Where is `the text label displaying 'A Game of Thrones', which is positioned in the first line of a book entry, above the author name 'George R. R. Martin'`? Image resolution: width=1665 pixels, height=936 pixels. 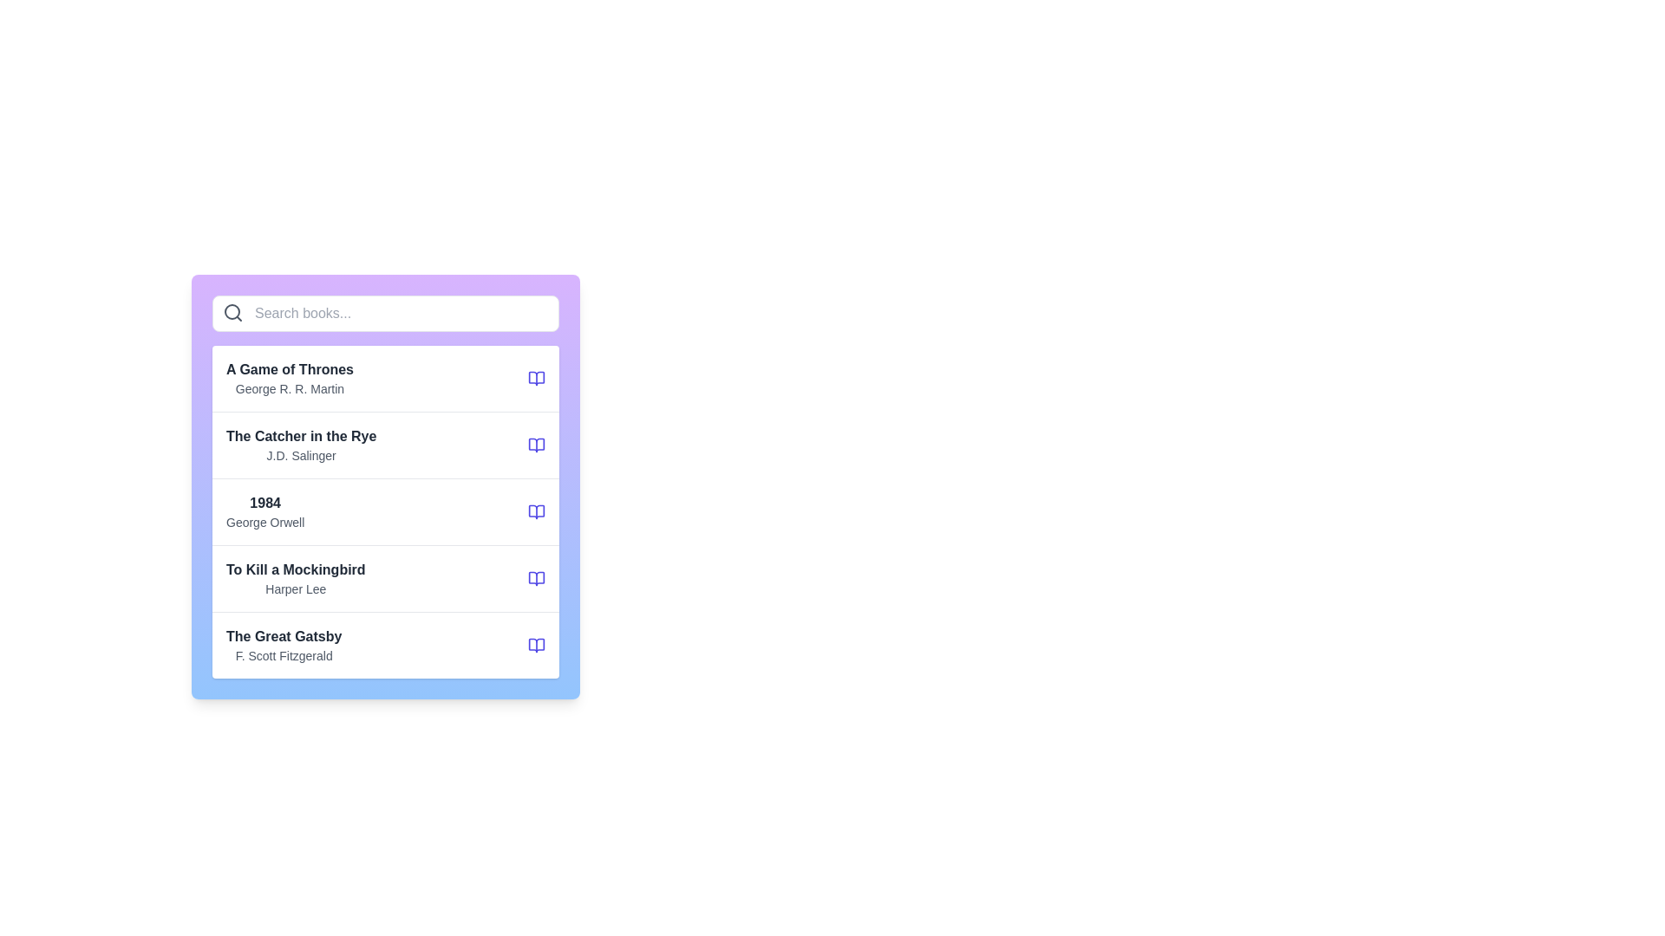 the text label displaying 'A Game of Thrones', which is positioned in the first line of a book entry, above the author name 'George R. R. Martin' is located at coordinates (290, 369).